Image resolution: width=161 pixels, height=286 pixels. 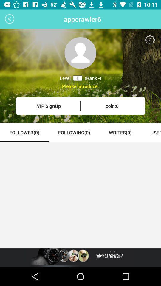 I want to click on app below the please introduce. item, so click(x=48, y=106).